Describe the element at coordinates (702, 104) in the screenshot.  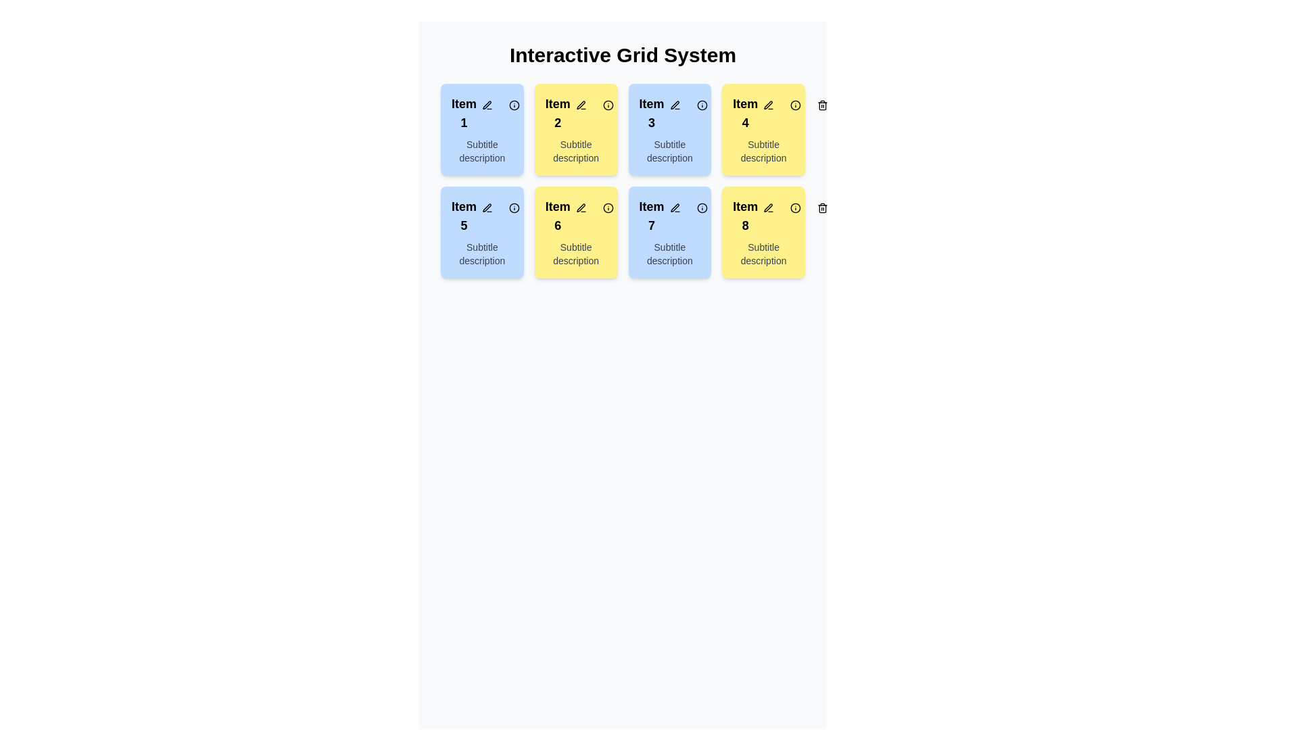
I see `the second circular icon with an encircled 'i' symbol, which is part of a horizontal arrangement of three icons, located between a pencil icon and a trash bin icon, labeled 'Item 3'` at that location.